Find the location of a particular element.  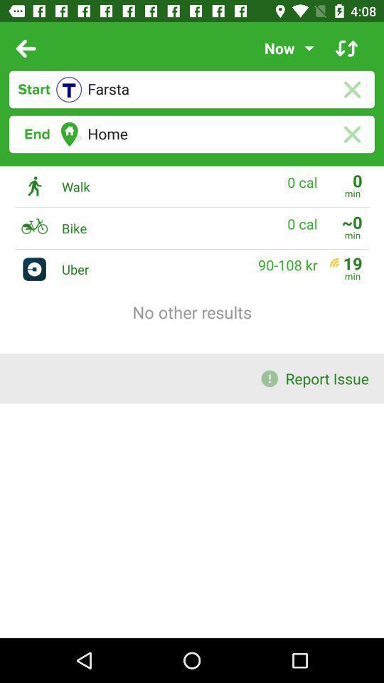

cancel text is located at coordinates (351, 89).